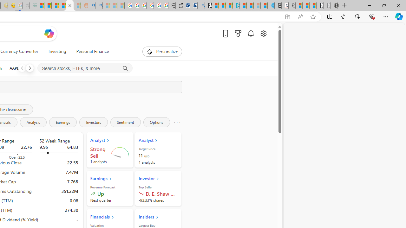  What do you see at coordinates (24, 68) in the screenshot?
I see `'AAPL APPLE INC. decrease 224.53 -1.87 -0.83%'` at bounding box center [24, 68].